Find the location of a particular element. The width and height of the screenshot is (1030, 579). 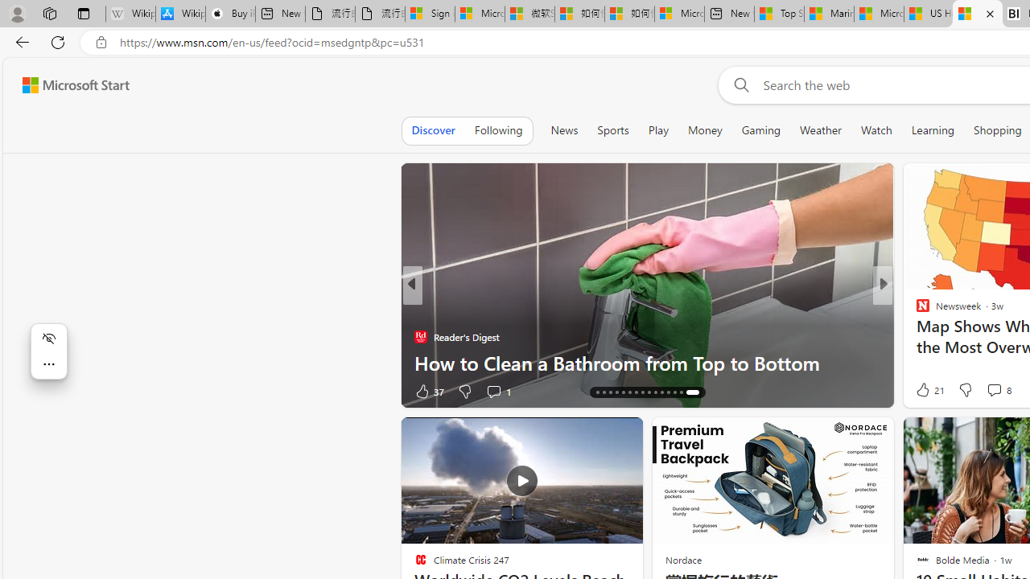

'21 Like' is located at coordinates (929, 389).